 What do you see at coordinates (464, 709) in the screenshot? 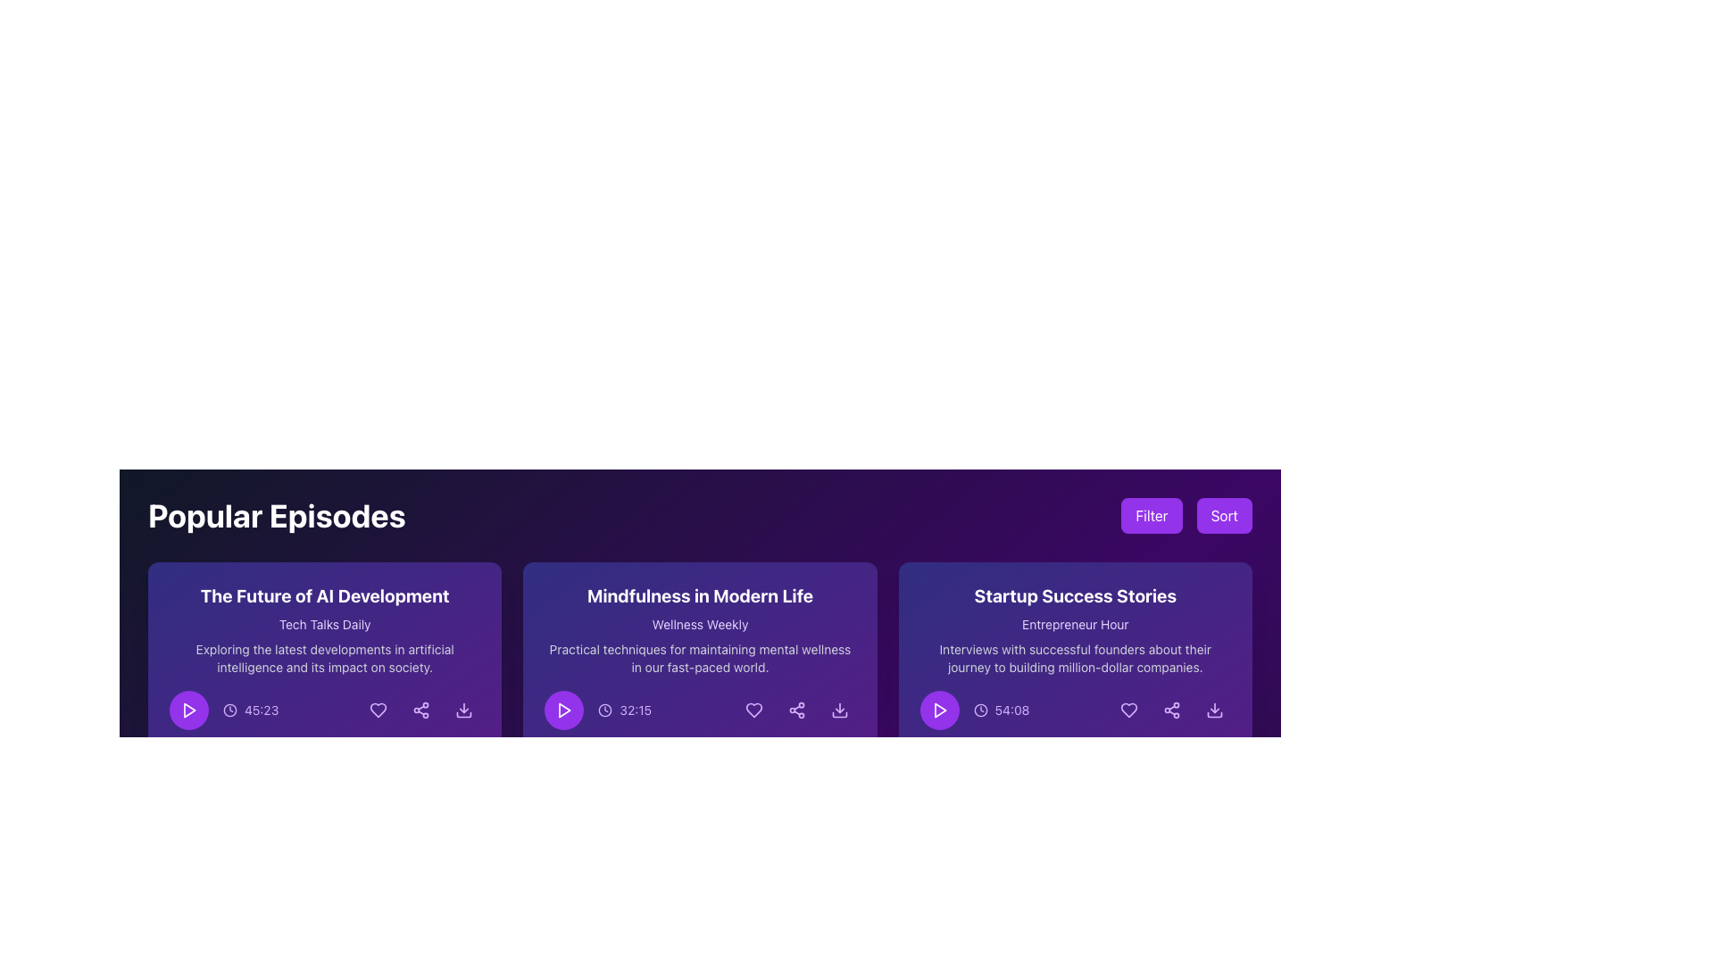
I see `the third circular button for downloading the episode in the 'Popular Episodes' section labeled 'The Future of AI Development'` at bounding box center [464, 709].